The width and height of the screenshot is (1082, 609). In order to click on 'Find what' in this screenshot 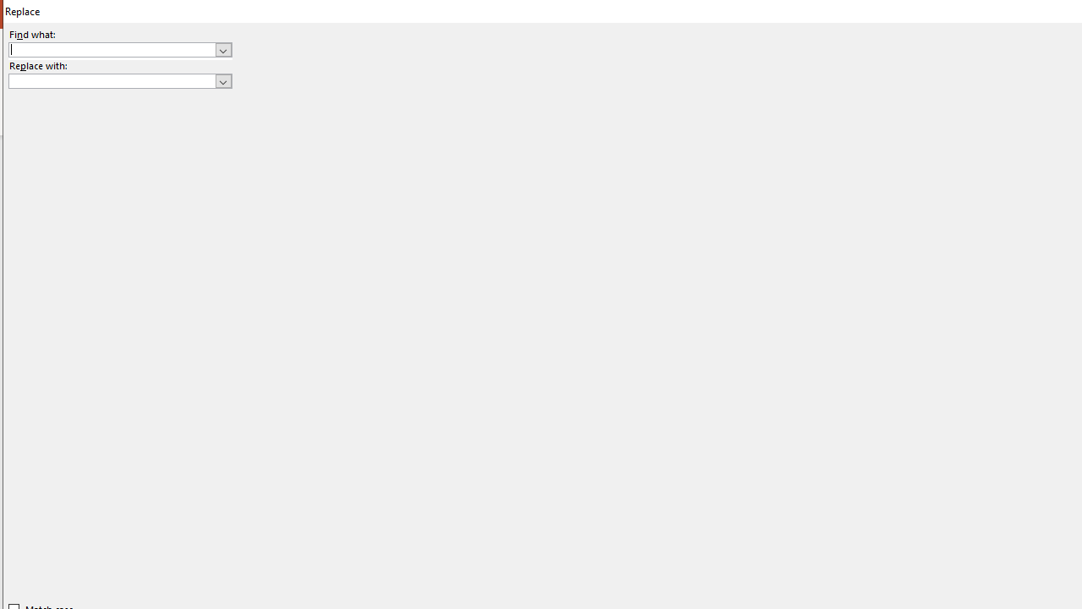, I will do `click(119, 48)`.